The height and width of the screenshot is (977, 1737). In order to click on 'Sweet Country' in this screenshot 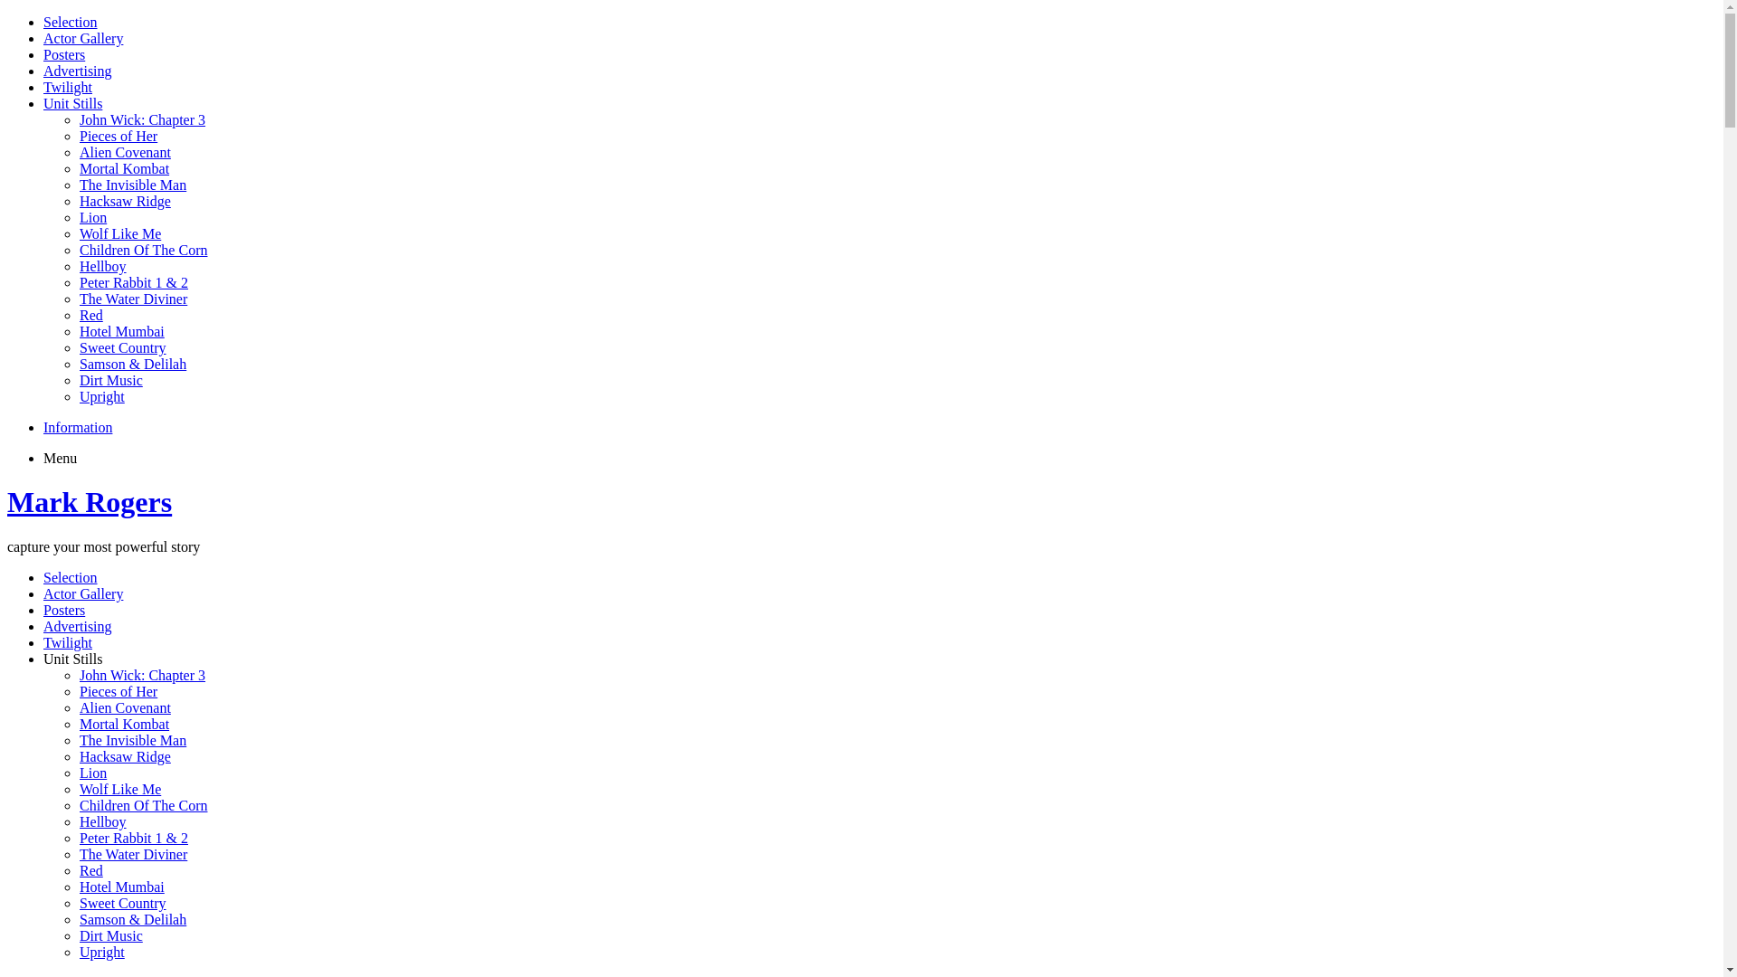, I will do `click(78, 347)`.